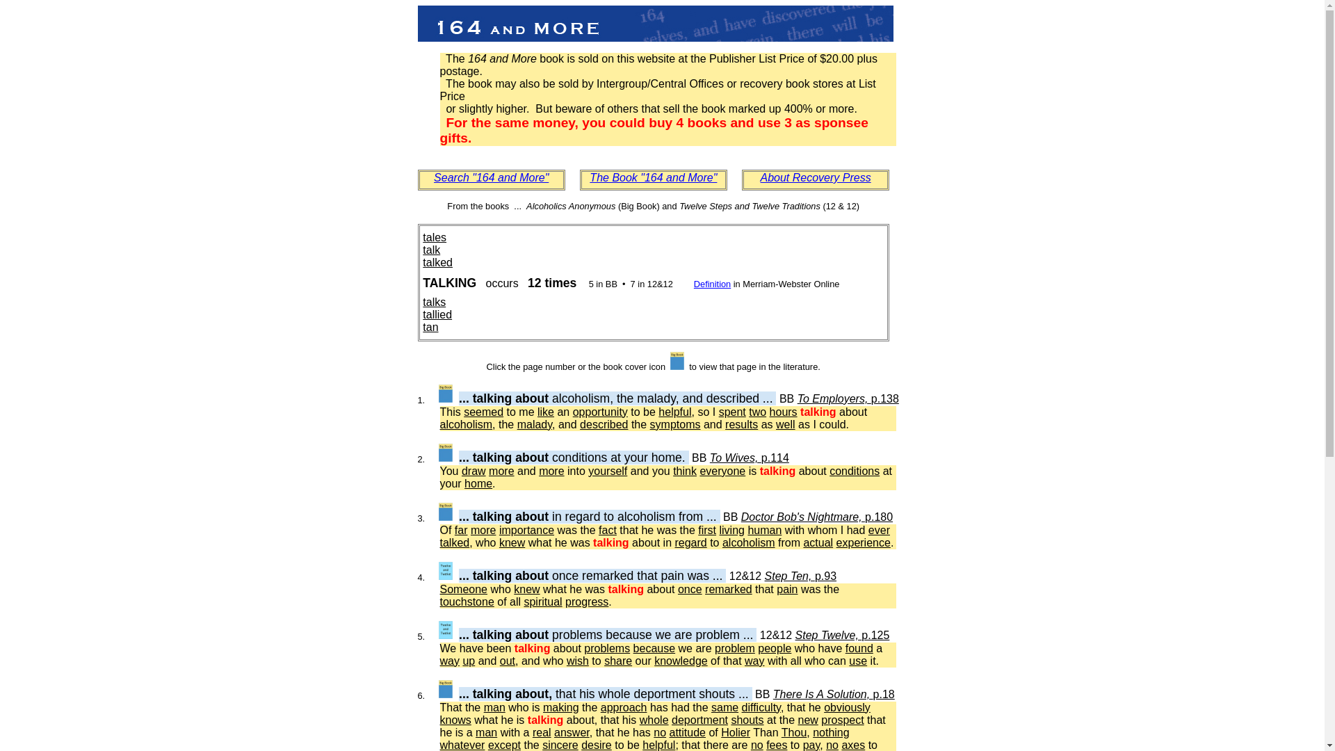 Image resolution: width=1335 pixels, height=751 pixels. What do you see at coordinates (687, 732) in the screenshot?
I see `'attitude'` at bounding box center [687, 732].